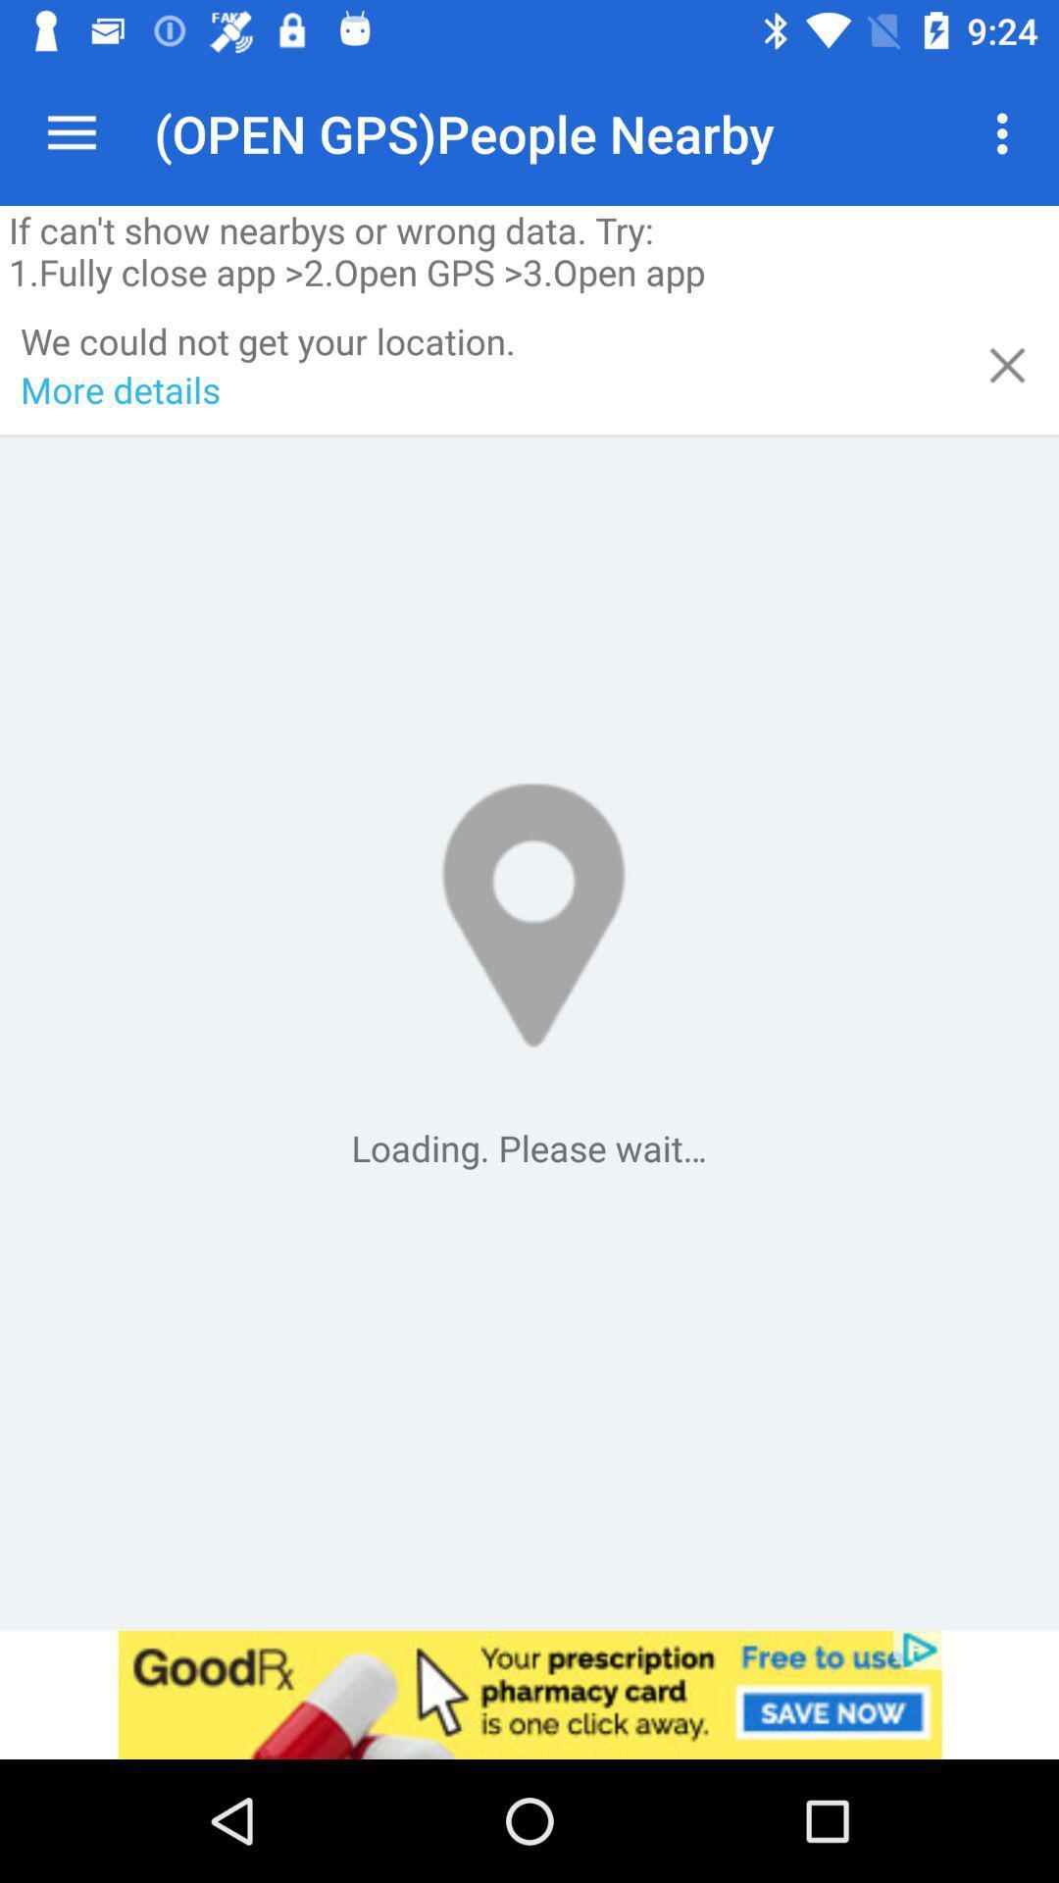 This screenshot has height=1883, width=1059. I want to click on item, so click(1007, 365).